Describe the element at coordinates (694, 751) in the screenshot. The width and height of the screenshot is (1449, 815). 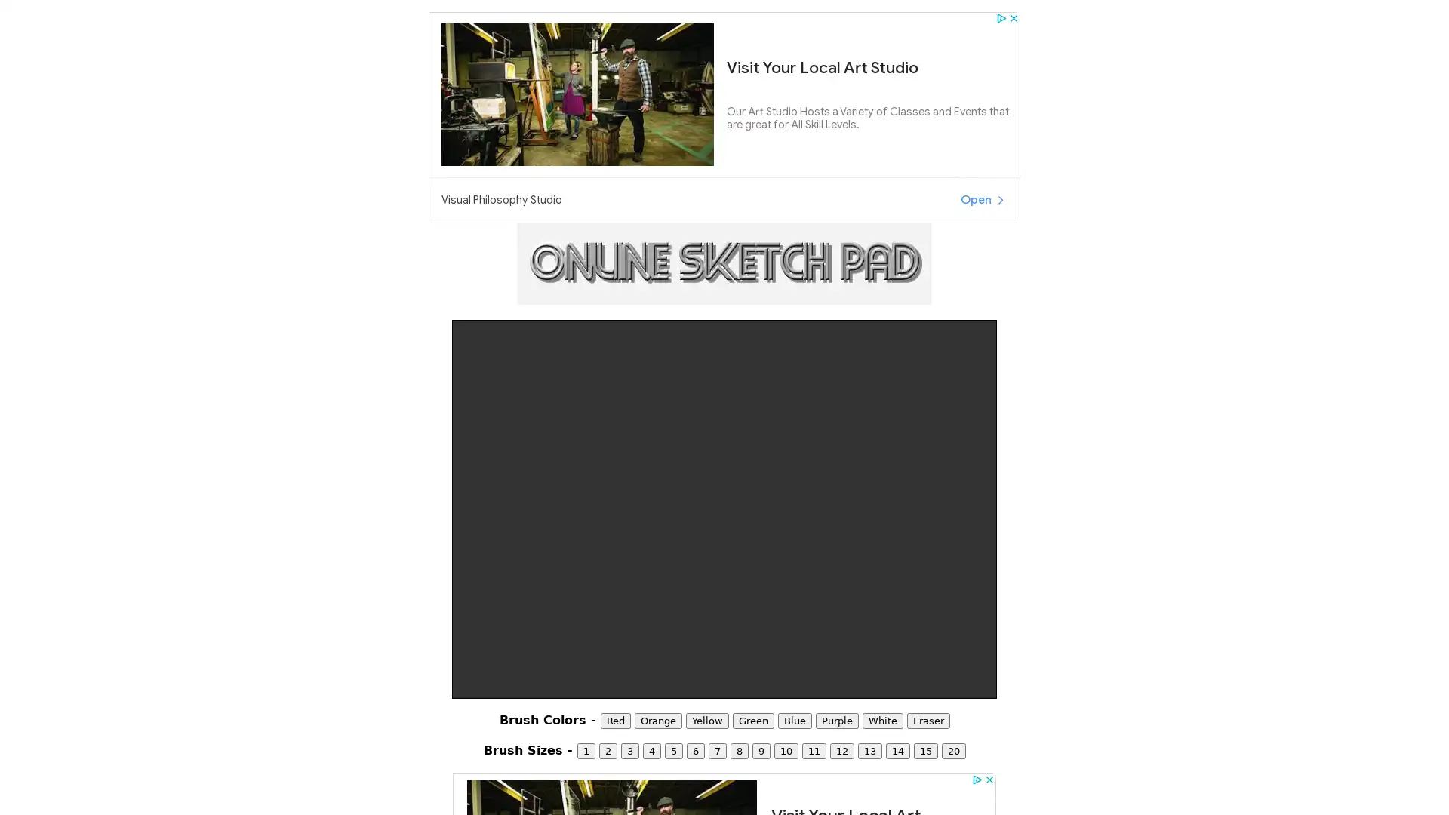
I see `6` at that location.